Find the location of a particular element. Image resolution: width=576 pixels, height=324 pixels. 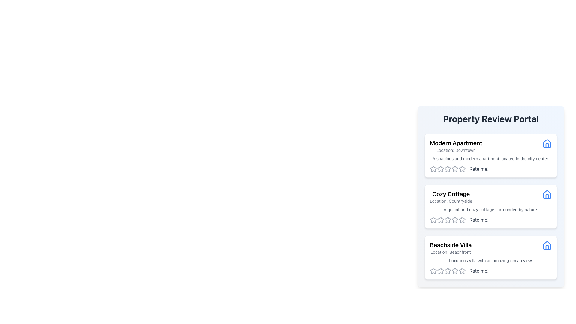

the text label displaying 'Location: Countryside', which is positioned beneath the title 'Cozy Cottage' is located at coordinates (451, 201).